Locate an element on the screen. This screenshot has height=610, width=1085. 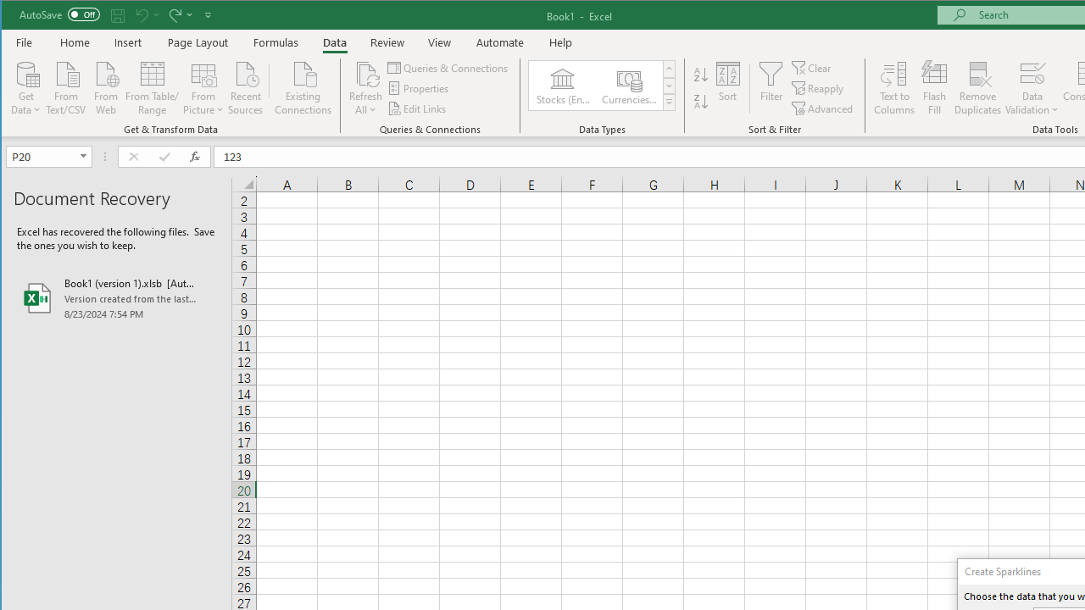
'Flash Fill' is located at coordinates (933, 88).